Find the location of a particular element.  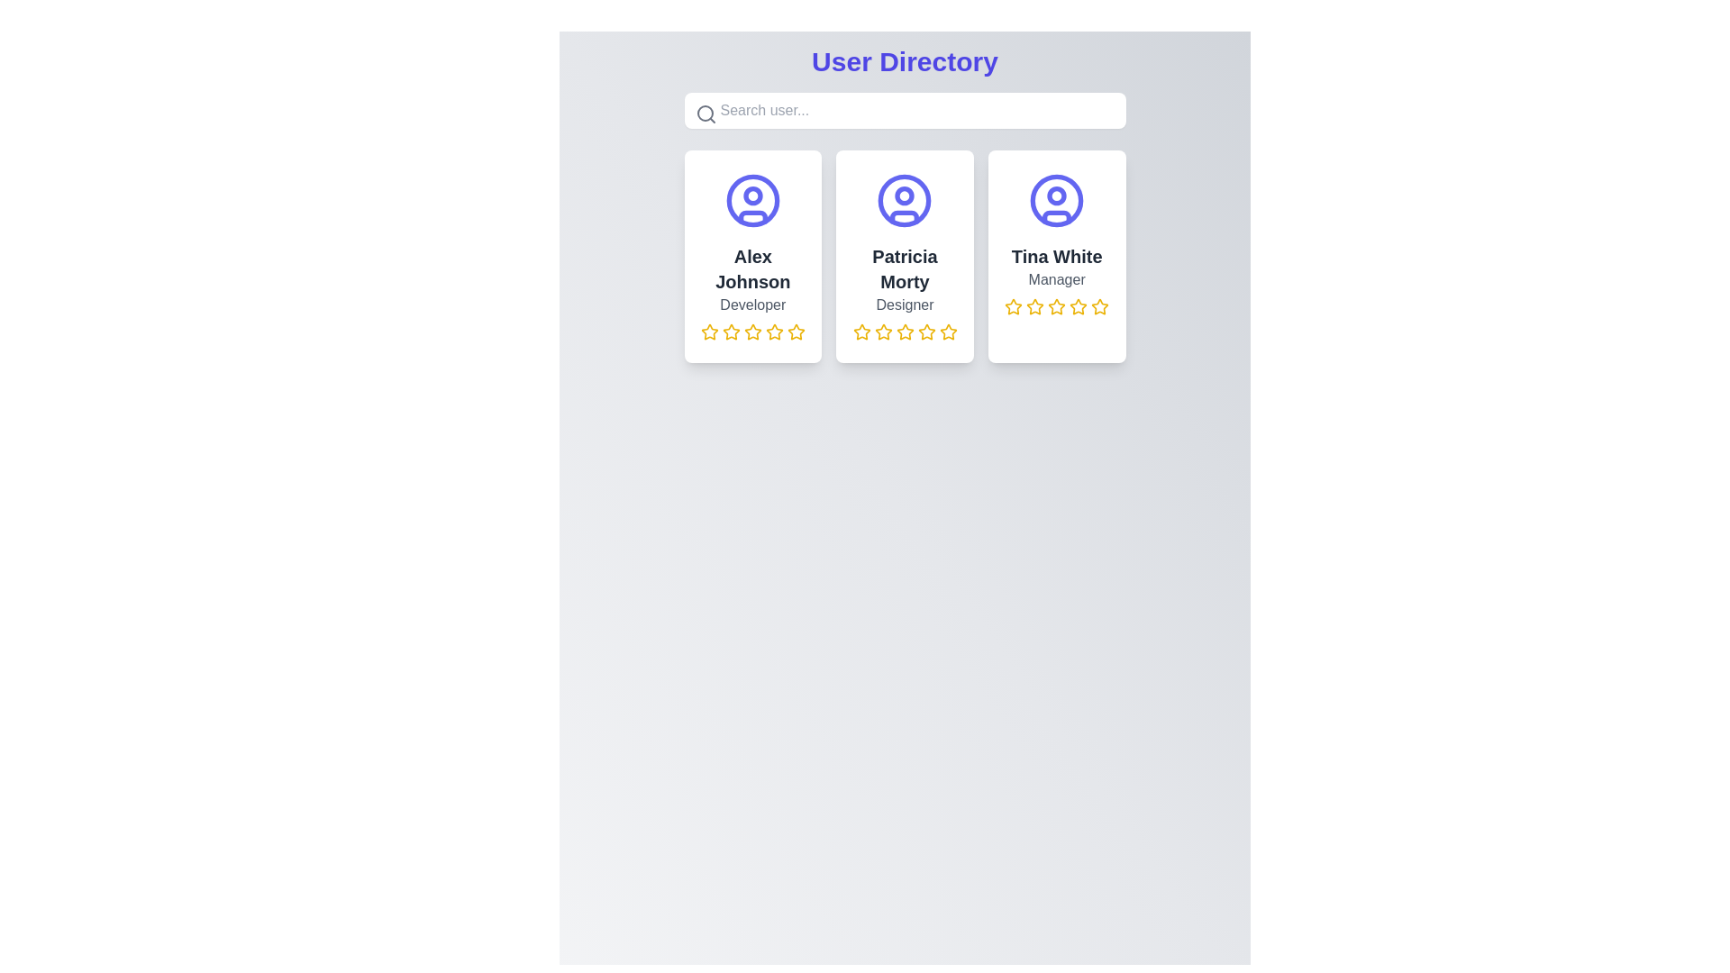

the label that denotes the job title of Patricia Morty, located below her name in the middle card of a three-column layout is located at coordinates (905, 305).